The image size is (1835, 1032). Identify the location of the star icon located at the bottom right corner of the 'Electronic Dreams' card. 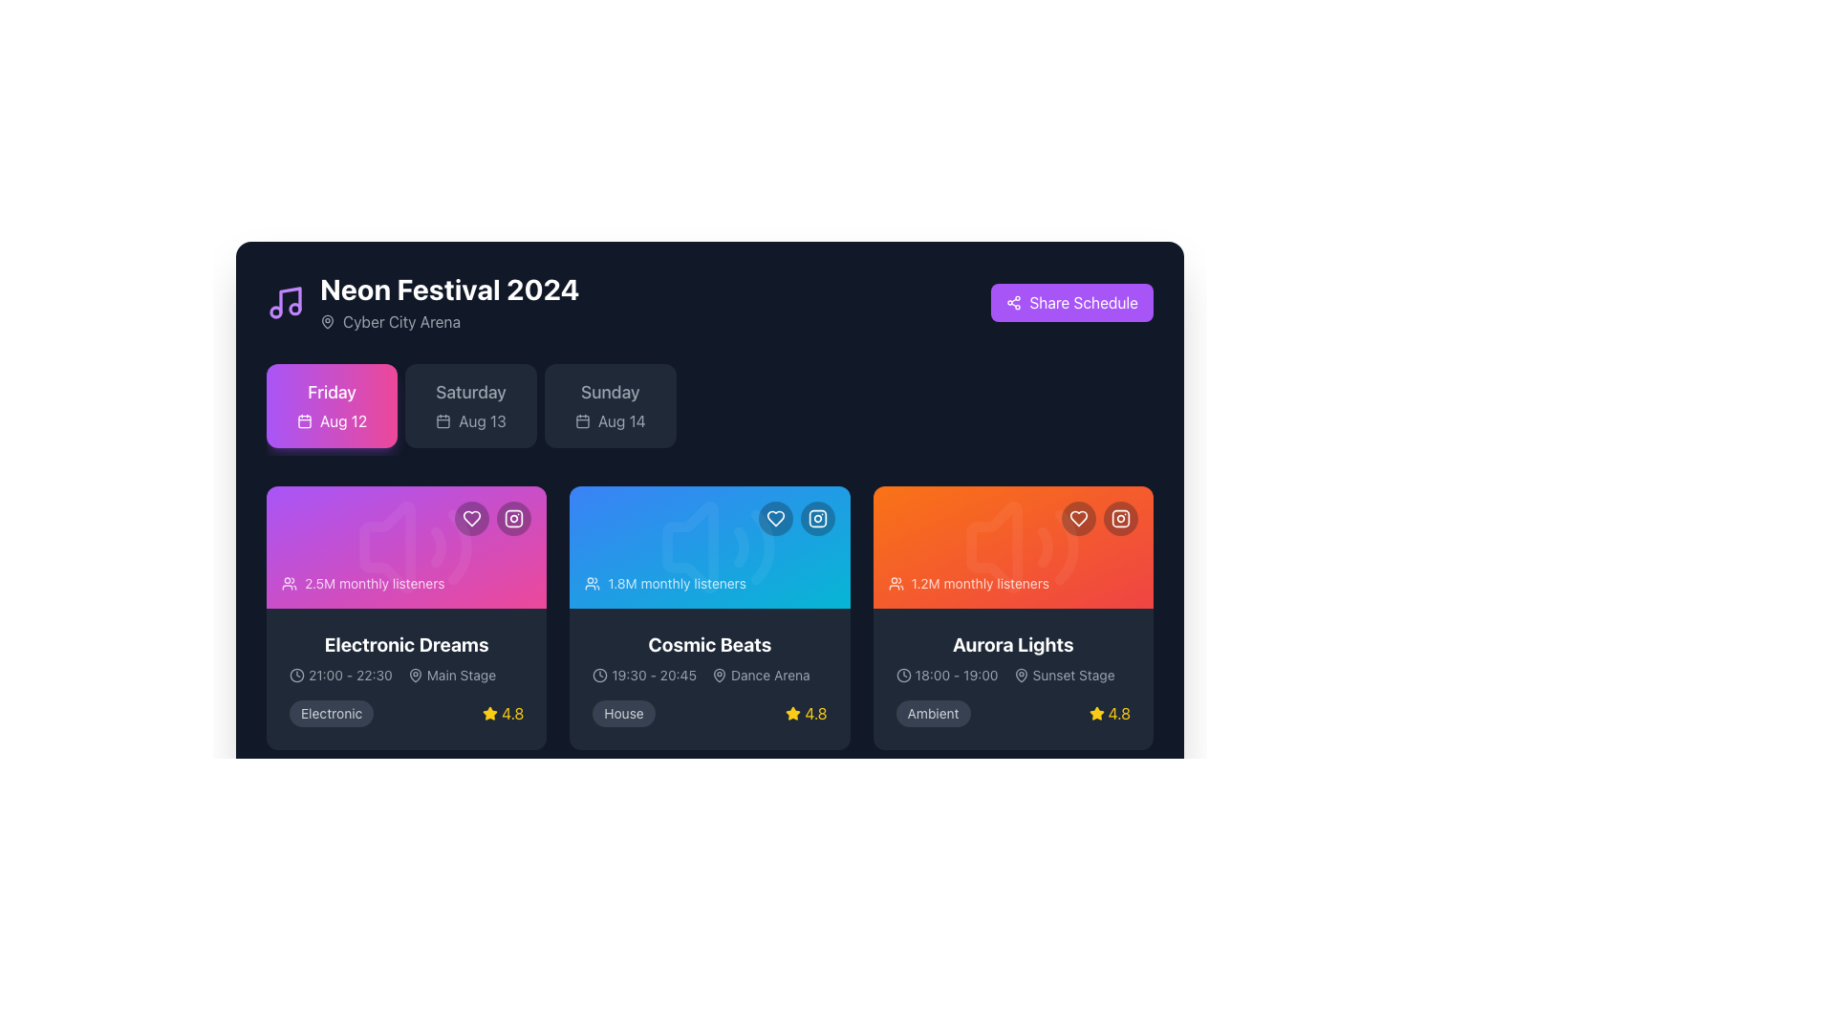
(490, 713).